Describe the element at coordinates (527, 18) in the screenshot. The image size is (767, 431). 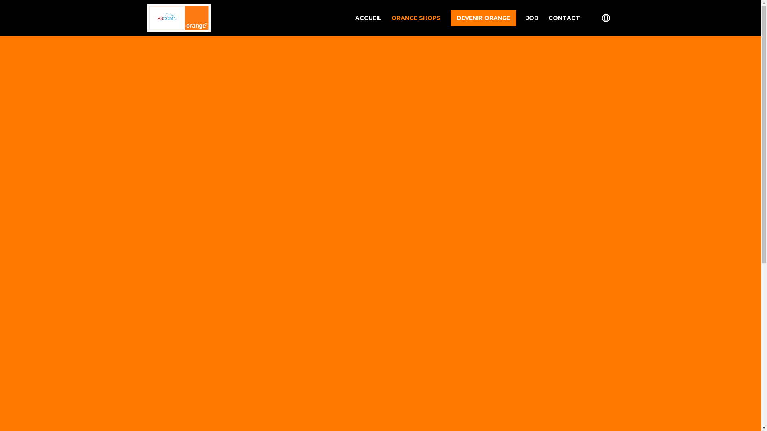
I see `'JOB'` at that location.